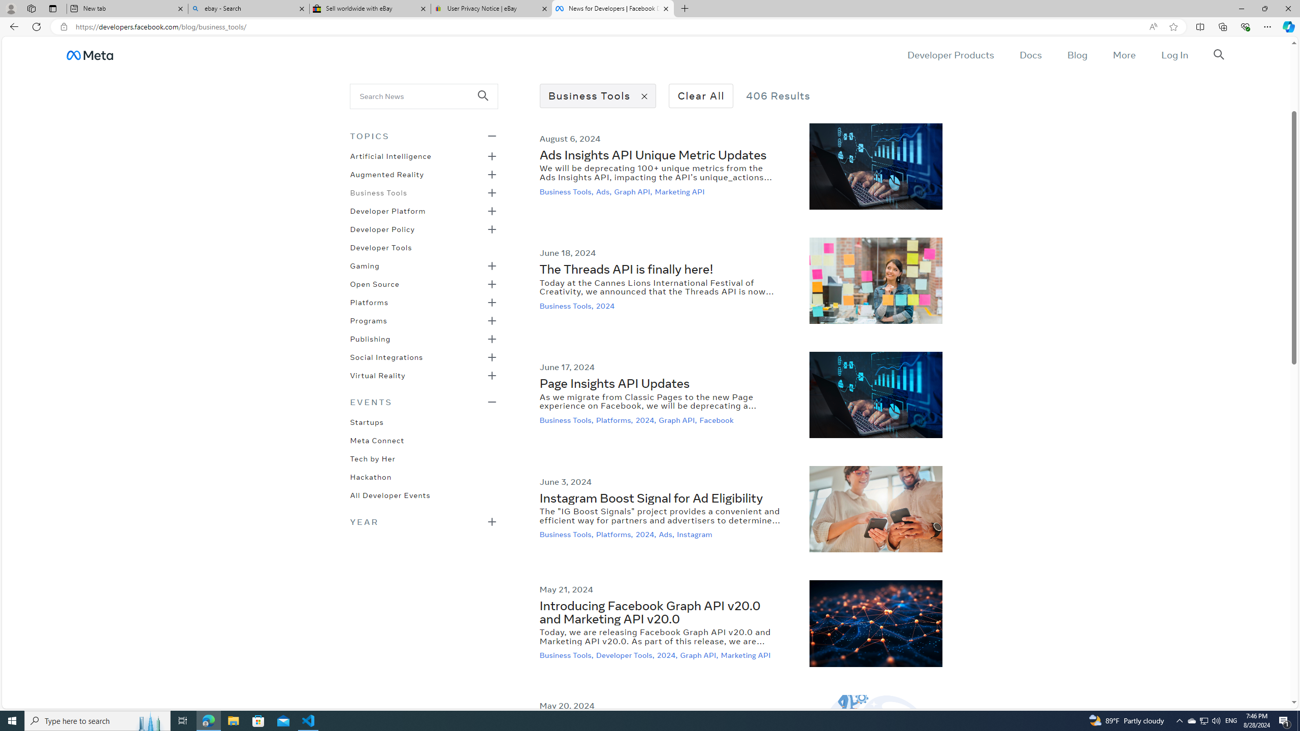 The image size is (1300, 731). Describe the element at coordinates (89, 54) in the screenshot. I see `'AutomationID: u_0_4z_2S'` at that location.